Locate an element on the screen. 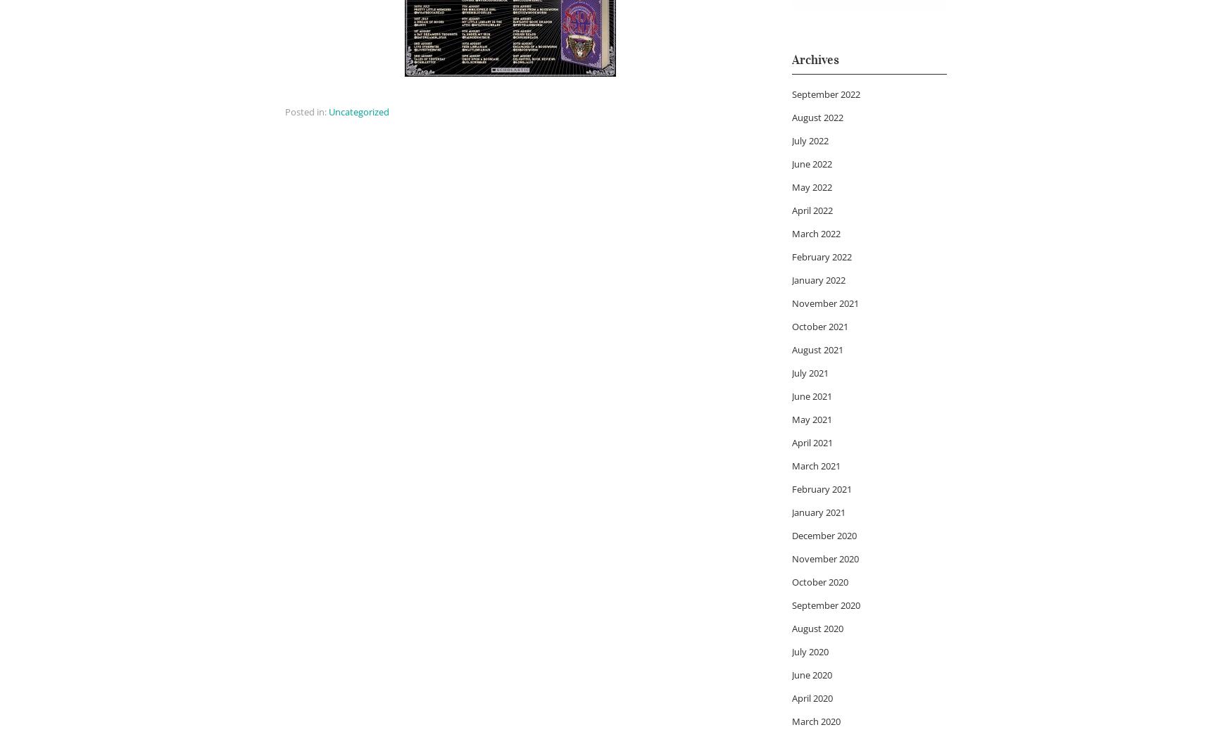 This screenshot has height=732, width=1232. 'November 2020' is located at coordinates (824, 557).